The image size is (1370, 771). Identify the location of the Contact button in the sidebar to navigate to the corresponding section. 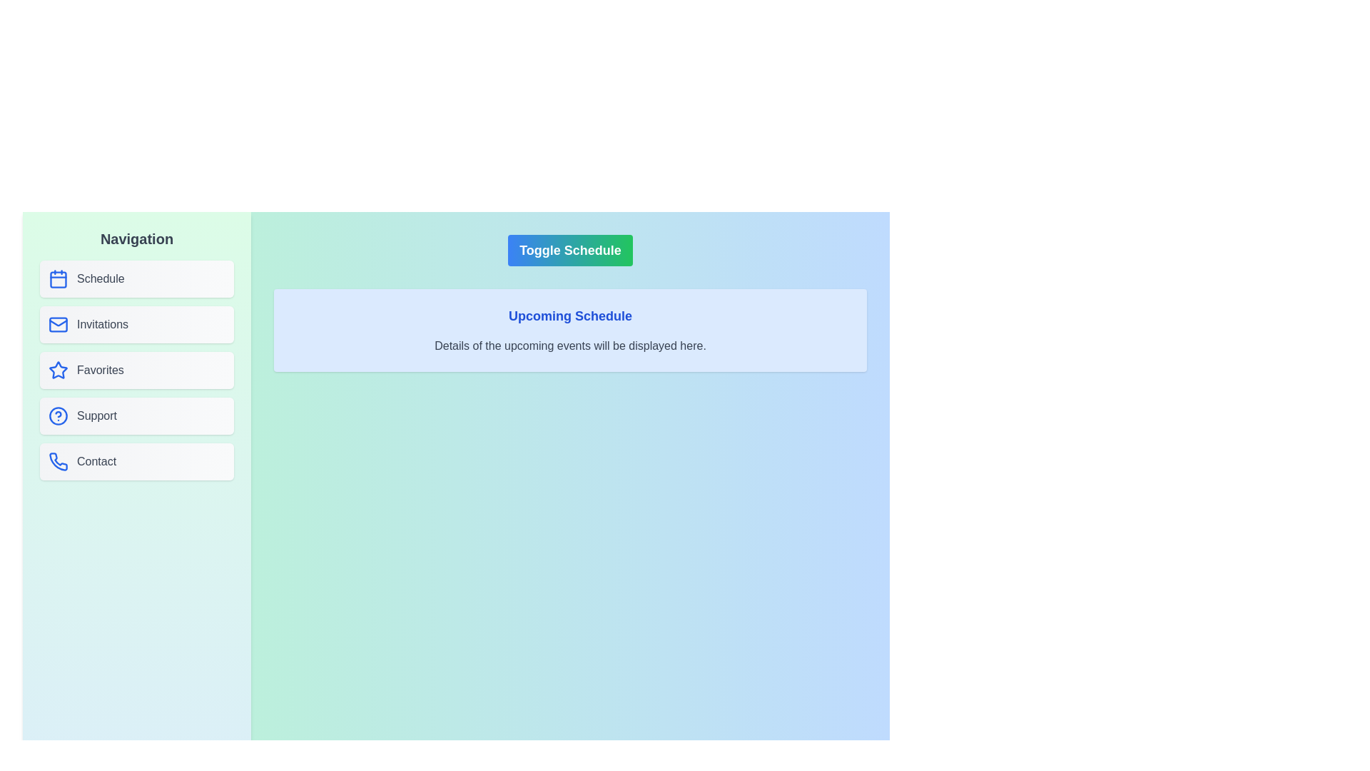
(137, 462).